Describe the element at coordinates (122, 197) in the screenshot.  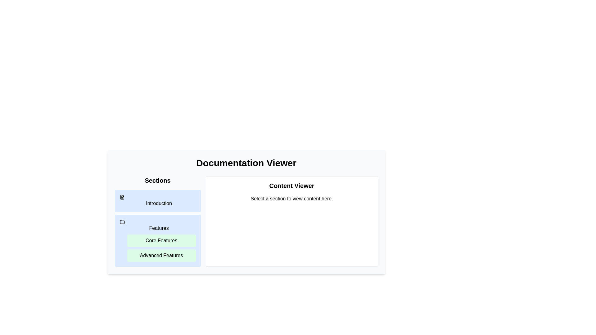
I see `the document icon located at the top-left corner of the 'Sections' panel, which is adjacent to the 'Introduction' text` at that location.